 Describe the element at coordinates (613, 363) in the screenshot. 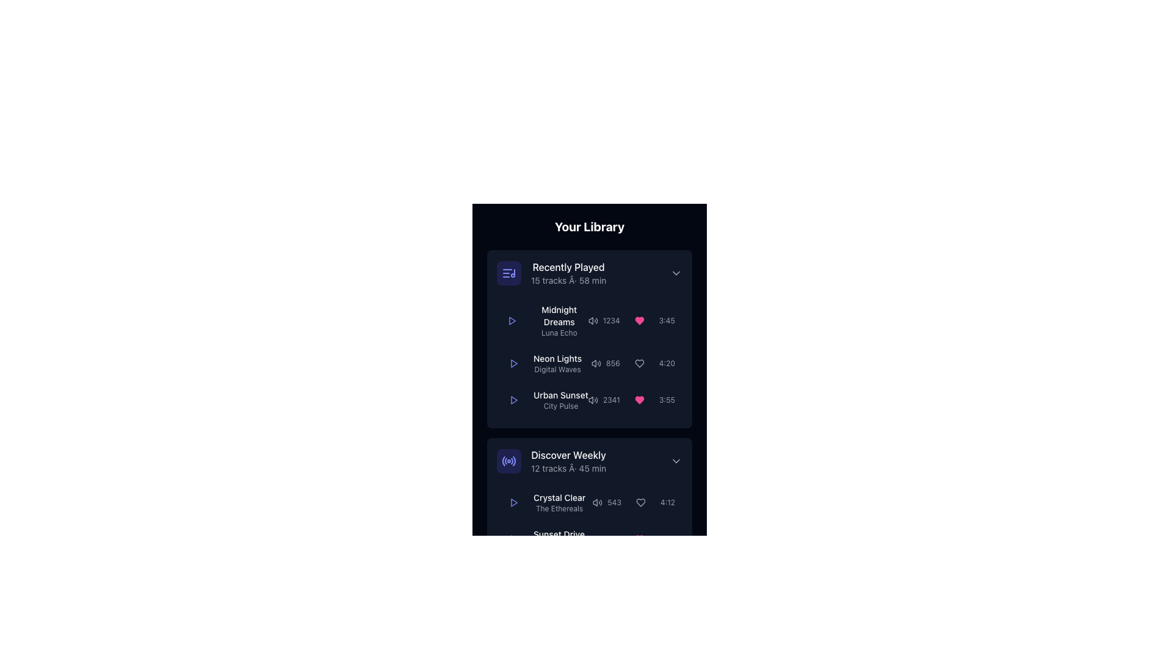

I see `the label displaying the numeric value for the song 'Neon Lights' in the 'Recently Played' section, located to the right of the volume icon` at that location.